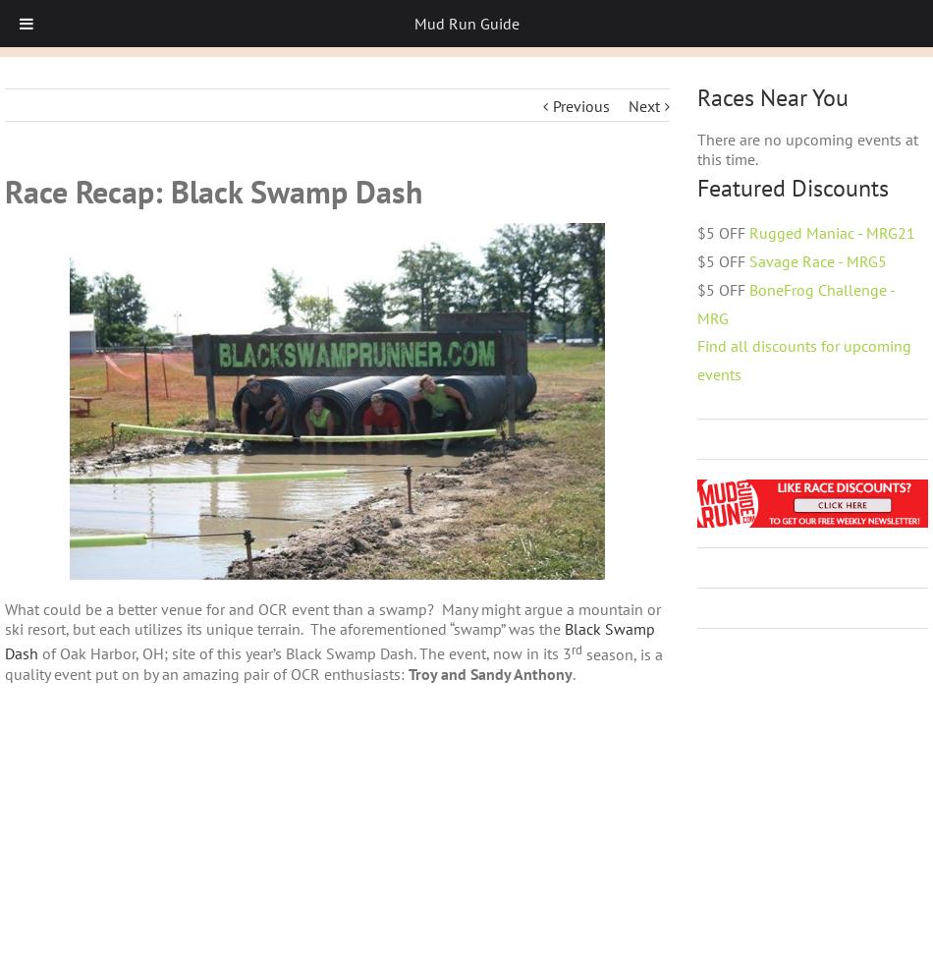 This screenshot has width=933, height=961. What do you see at coordinates (229, 653) in the screenshot?
I see `'of Oak Harbor, OH; site of this year’s Black Swamp Dash.'` at bounding box center [229, 653].